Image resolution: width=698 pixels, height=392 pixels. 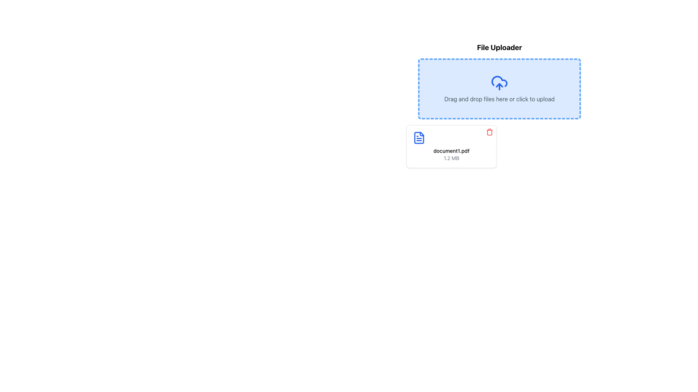 What do you see at coordinates (499, 82) in the screenshot?
I see `the file upload icon, which is centrally located within a dashed border box above the text 'Drag and drop files here or click to upload'` at bounding box center [499, 82].